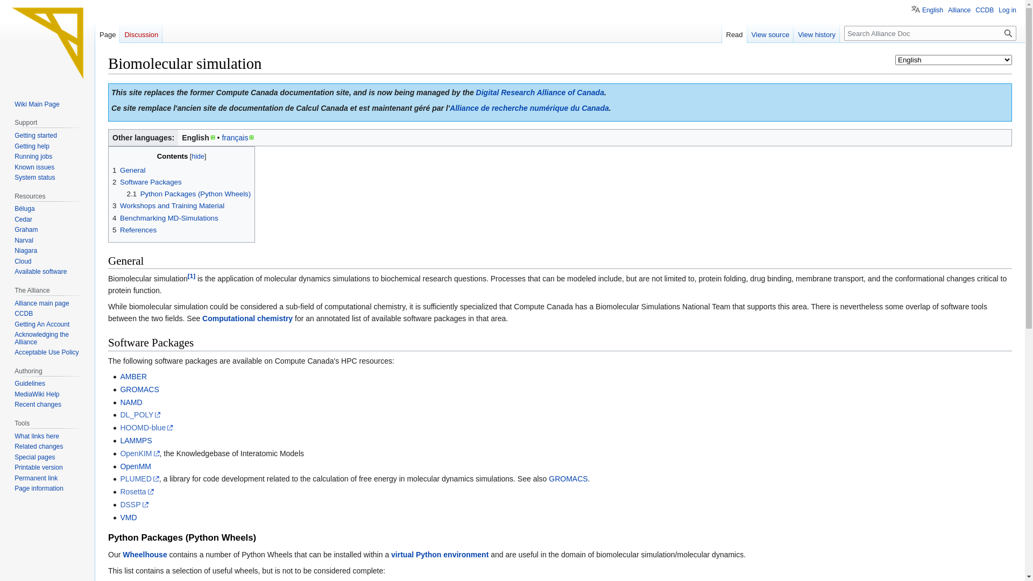 This screenshot has width=1033, height=581. What do you see at coordinates (189, 194) in the screenshot?
I see `'2.1 Python Packages (Python Wheels)'` at bounding box center [189, 194].